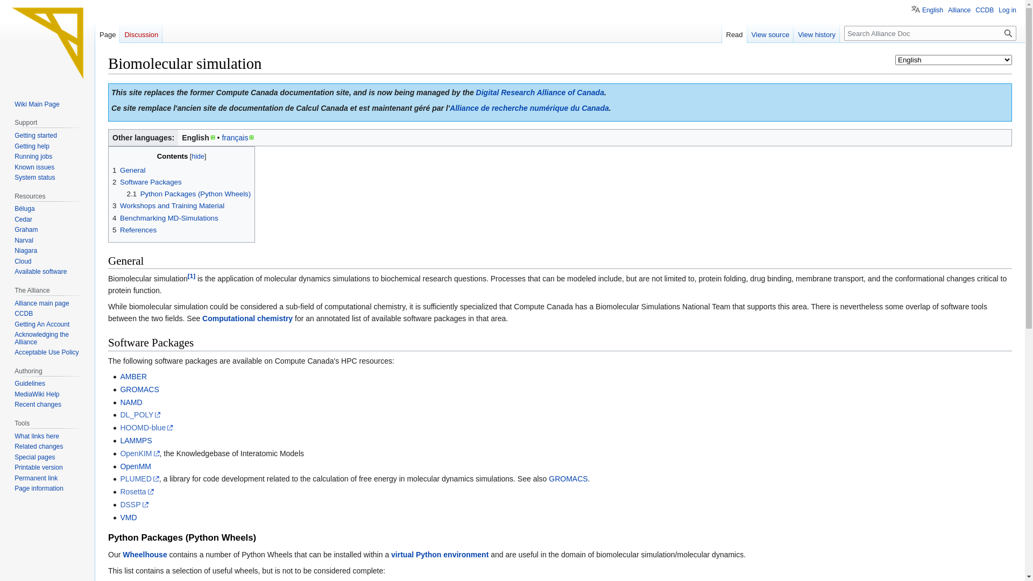 This screenshot has width=1033, height=581. What do you see at coordinates (189, 194) in the screenshot?
I see `'2.1 Python Packages (Python Wheels)'` at bounding box center [189, 194].